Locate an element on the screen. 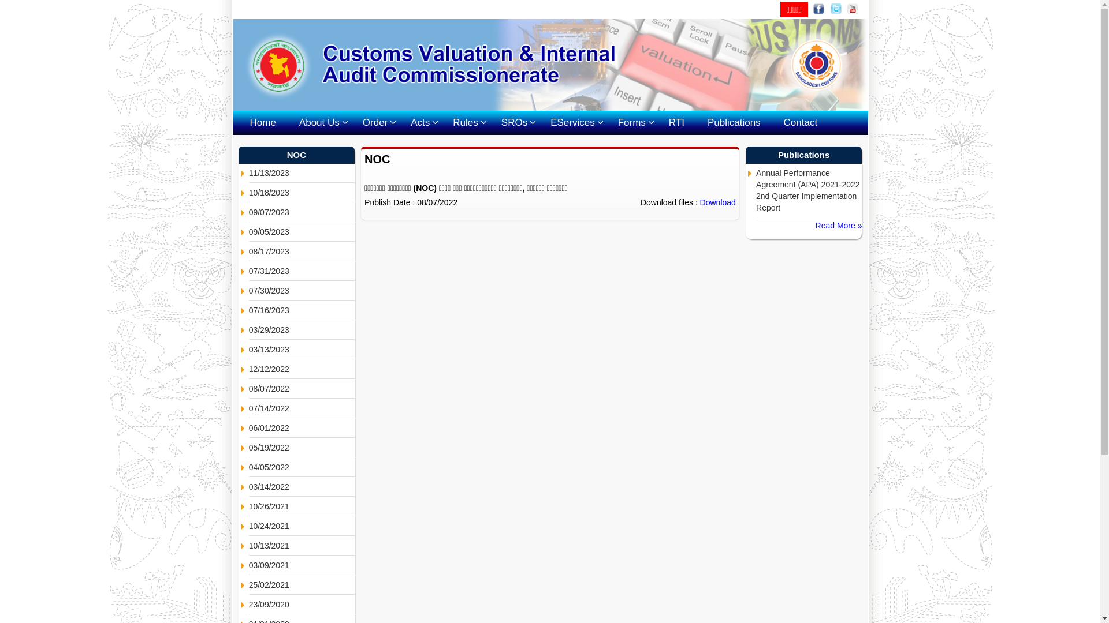 This screenshot has height=623, width=1109. '07/14/2022' is located at coordinates (302, 408).